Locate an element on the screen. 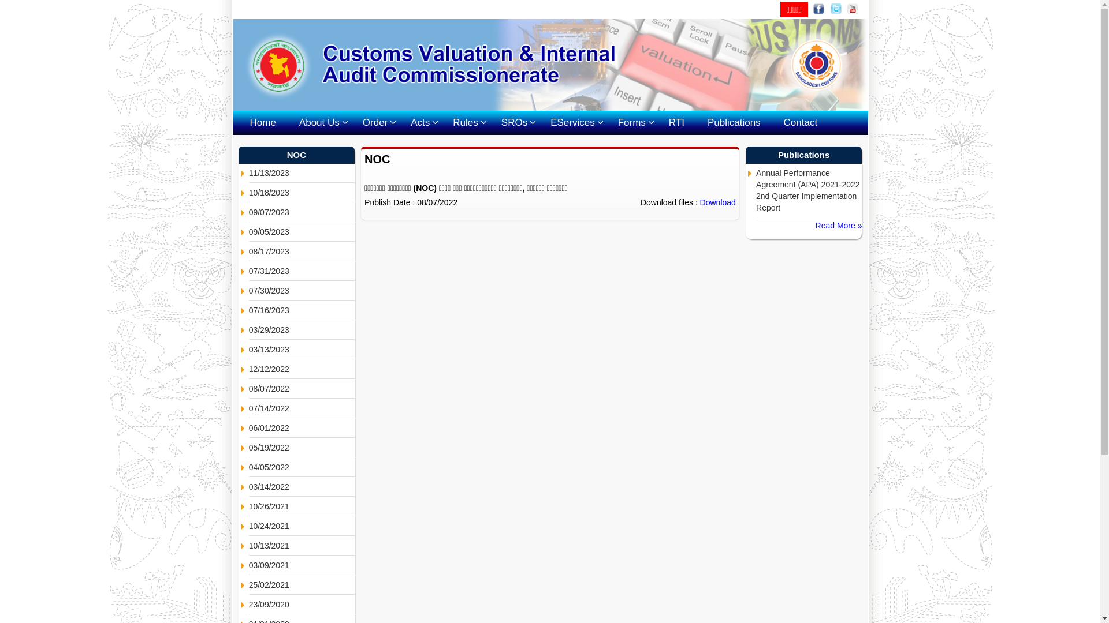 This screenshot has height=623, width=1109. '07/14/2022' is located at coordinates (302, 408).